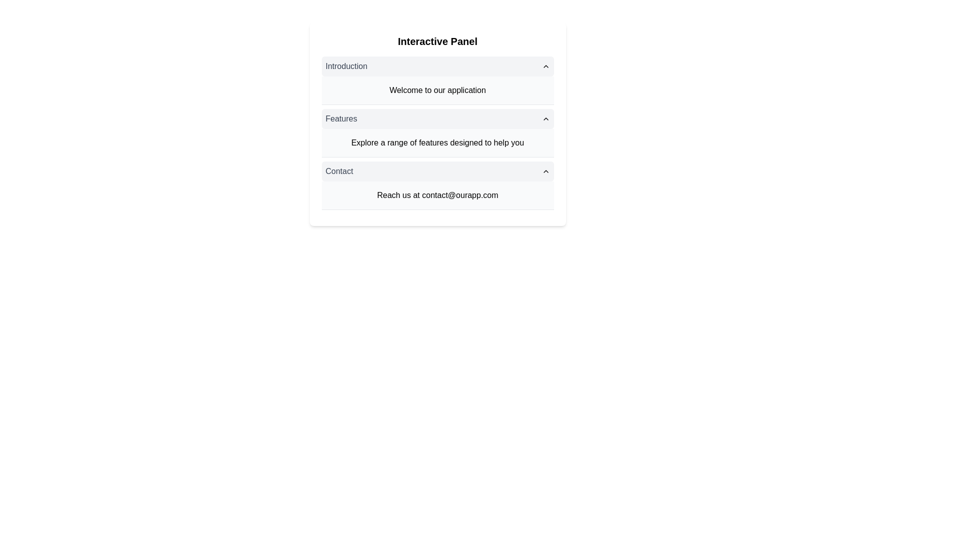  What do you see at coordinates (437, 90) in the screenshot?
I see `the static text block with the message 'Welcome to our application', which is located in the 'Introduction' section of the panel` at bounding box center [437, 90].